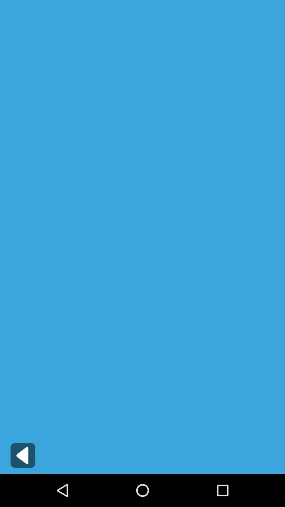 The image size is (285, 507). Describe the element at coordinates (23, 455) in the screenshot. I see `icon at the bottom left corner` at that location.